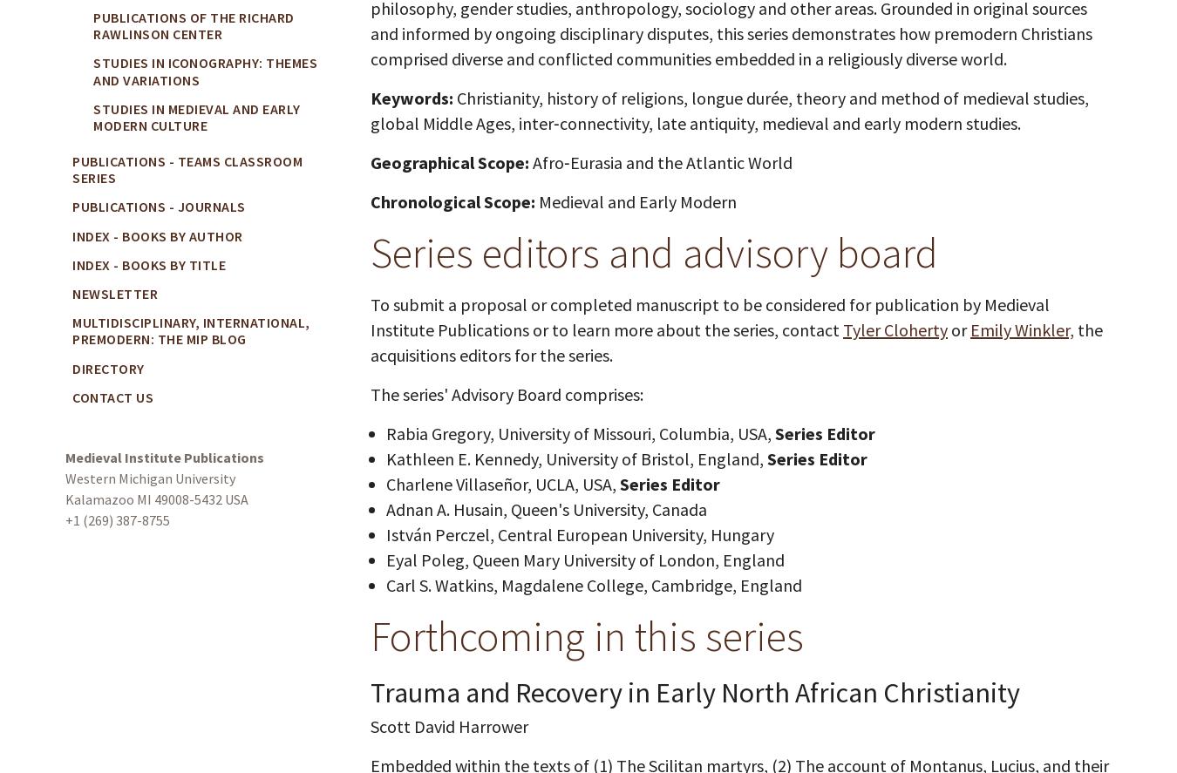 The width and height of the screenshot is (1177, 773). I want to click on 'the acquisitions editors for the series.', so click(370, 342).